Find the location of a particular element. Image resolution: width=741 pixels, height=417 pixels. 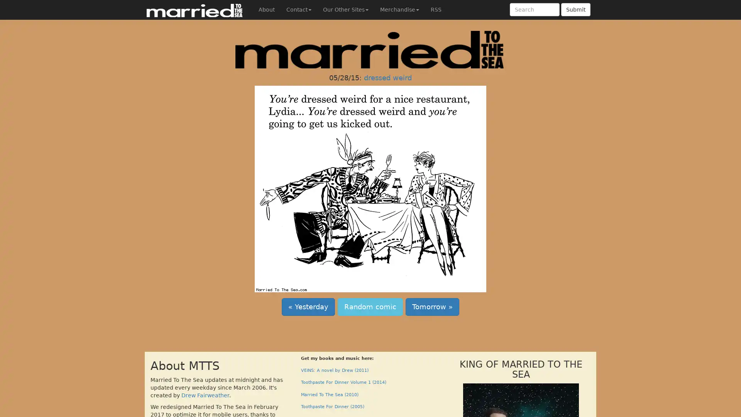

Submit is located at coordinates (576, 9).